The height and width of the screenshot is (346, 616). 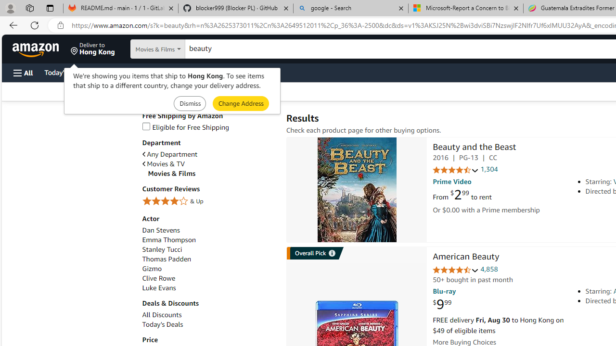 What do you see at coordinates (208, 269) in the screenshot?
I see `'Gizmo'` at bounding box center [208, 269].